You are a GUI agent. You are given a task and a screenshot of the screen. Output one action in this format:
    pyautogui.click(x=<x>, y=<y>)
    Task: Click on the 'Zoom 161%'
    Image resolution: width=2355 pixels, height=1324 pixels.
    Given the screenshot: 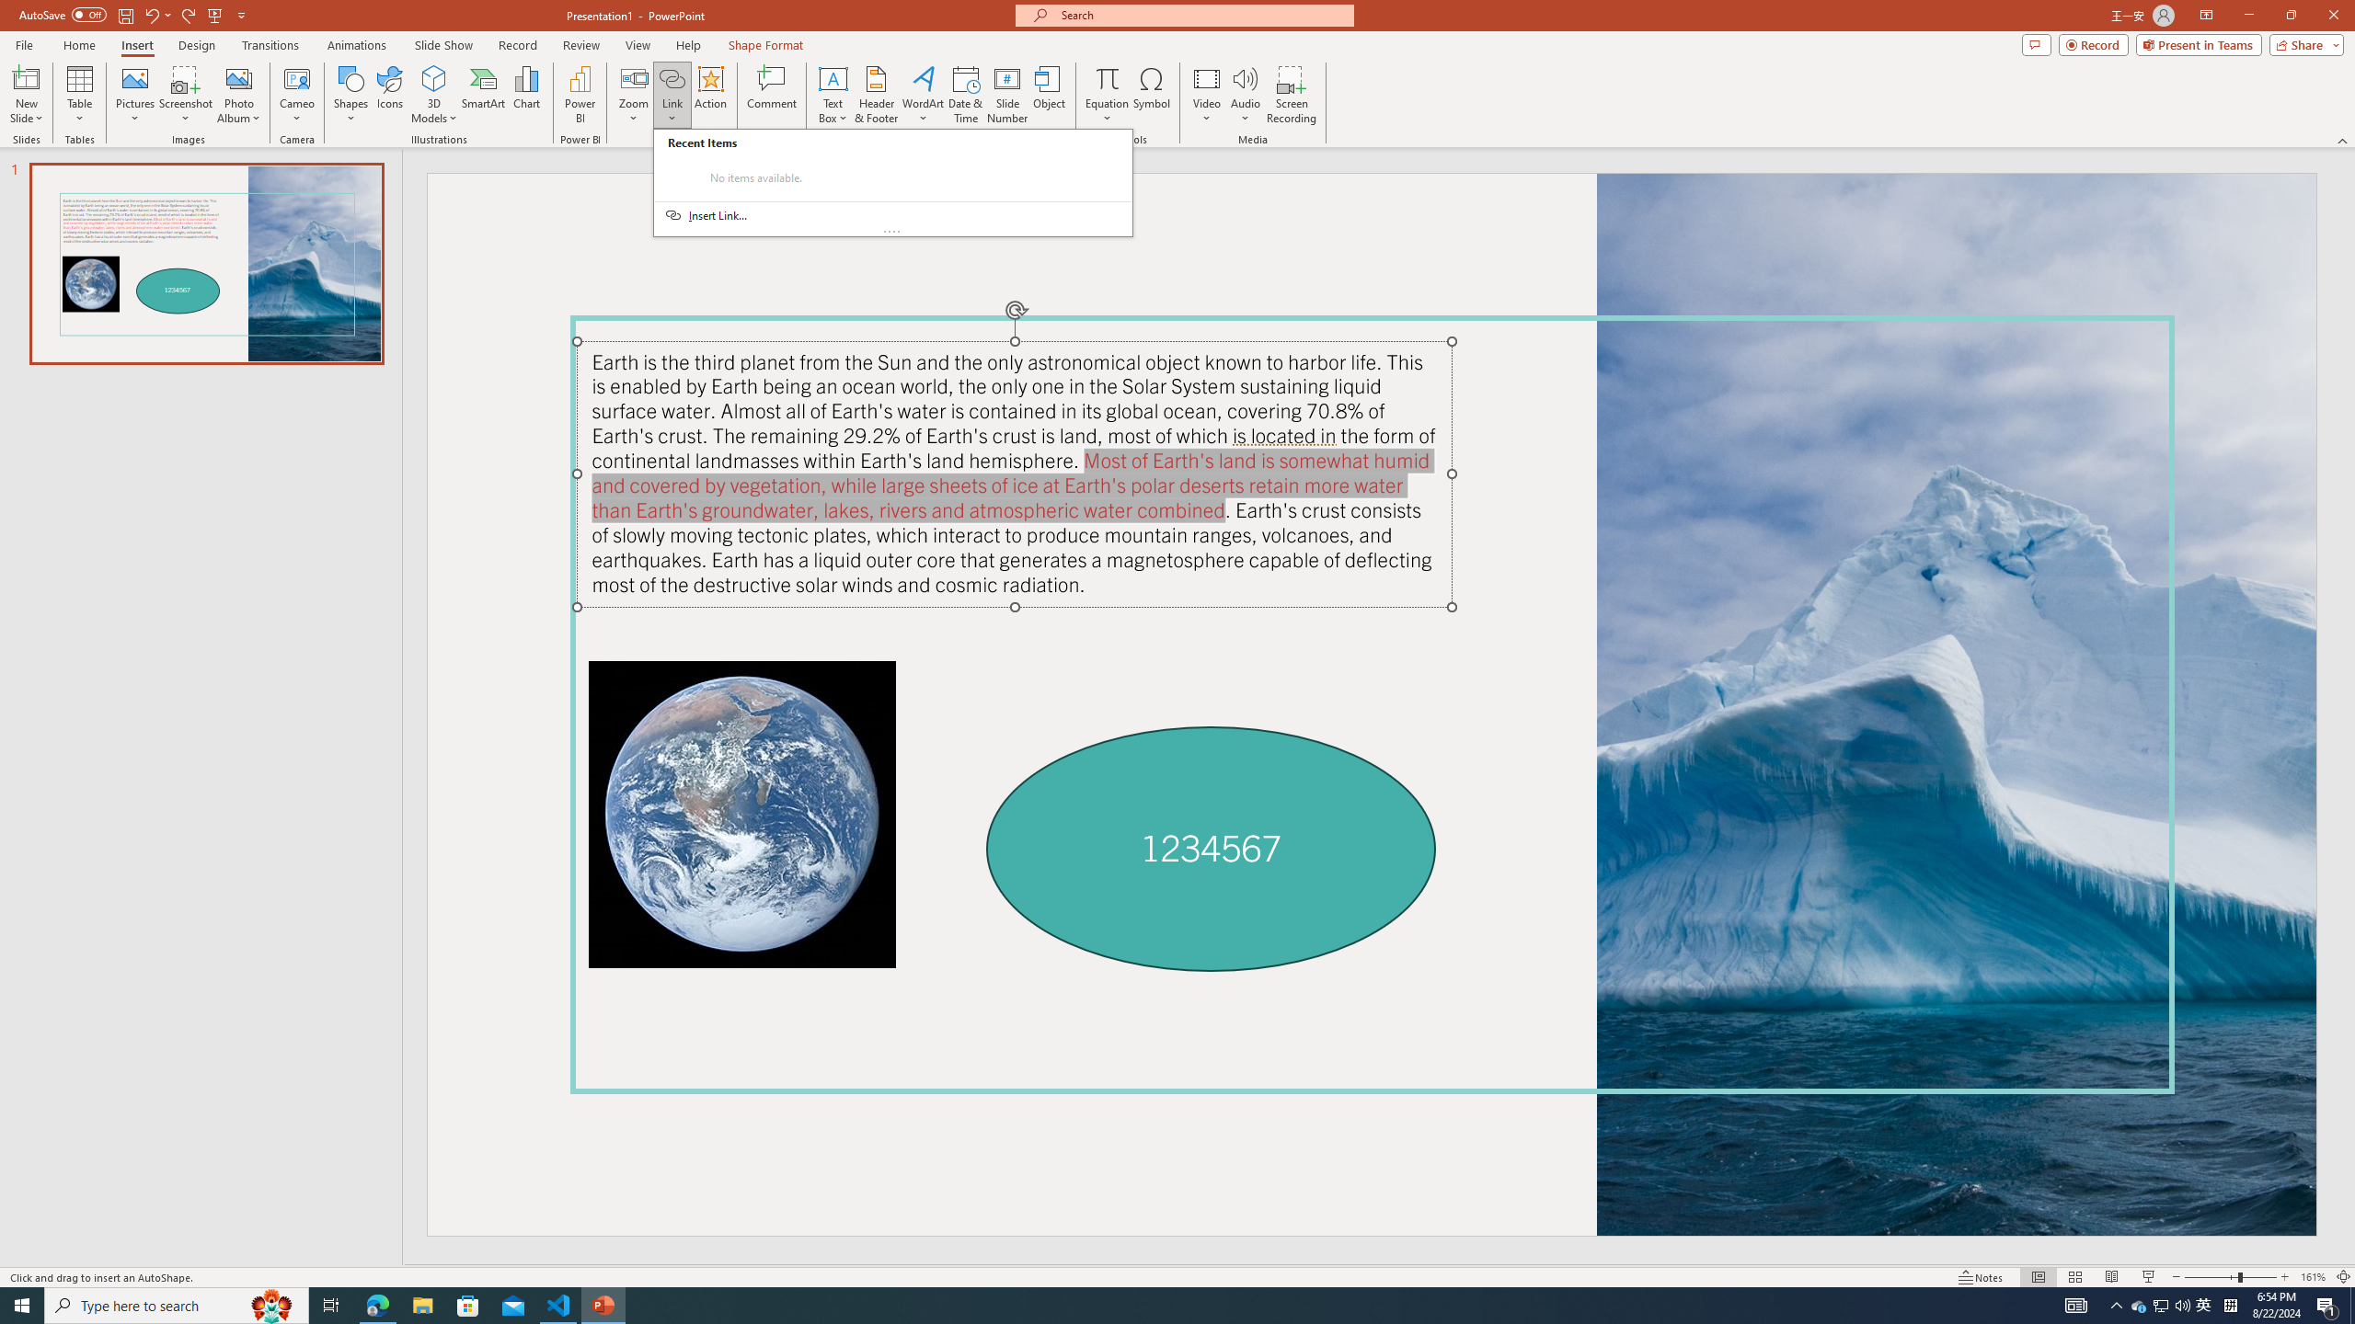 What is the action you would take?
    pyautogui.click(x=2314, y=1277)
    